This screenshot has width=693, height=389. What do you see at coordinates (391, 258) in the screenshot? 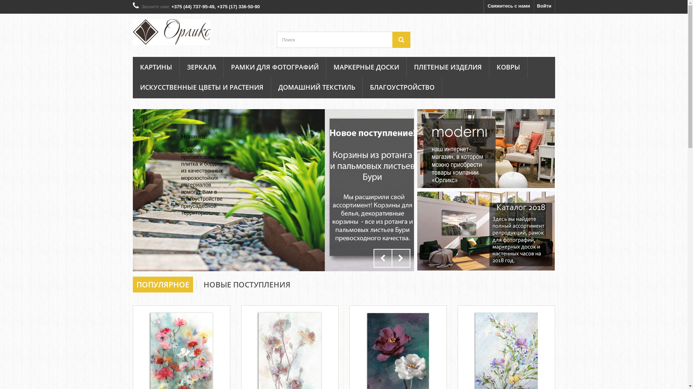
I see `'Next'` at bounding box center [391, 258].